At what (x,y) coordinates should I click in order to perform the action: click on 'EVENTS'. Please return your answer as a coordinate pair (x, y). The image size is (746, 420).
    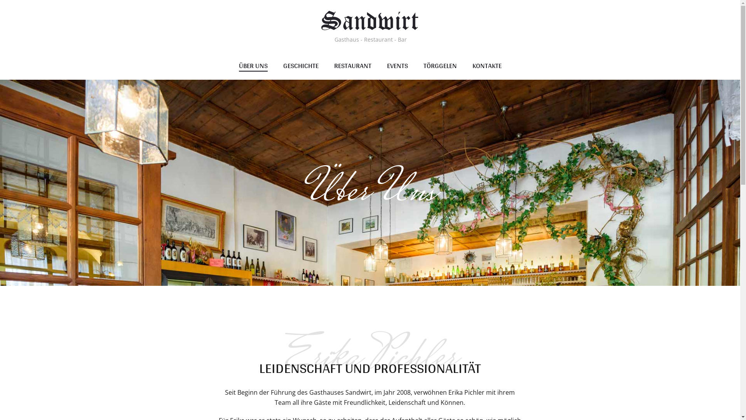
    Looking at the image, I should click on (397, 65).